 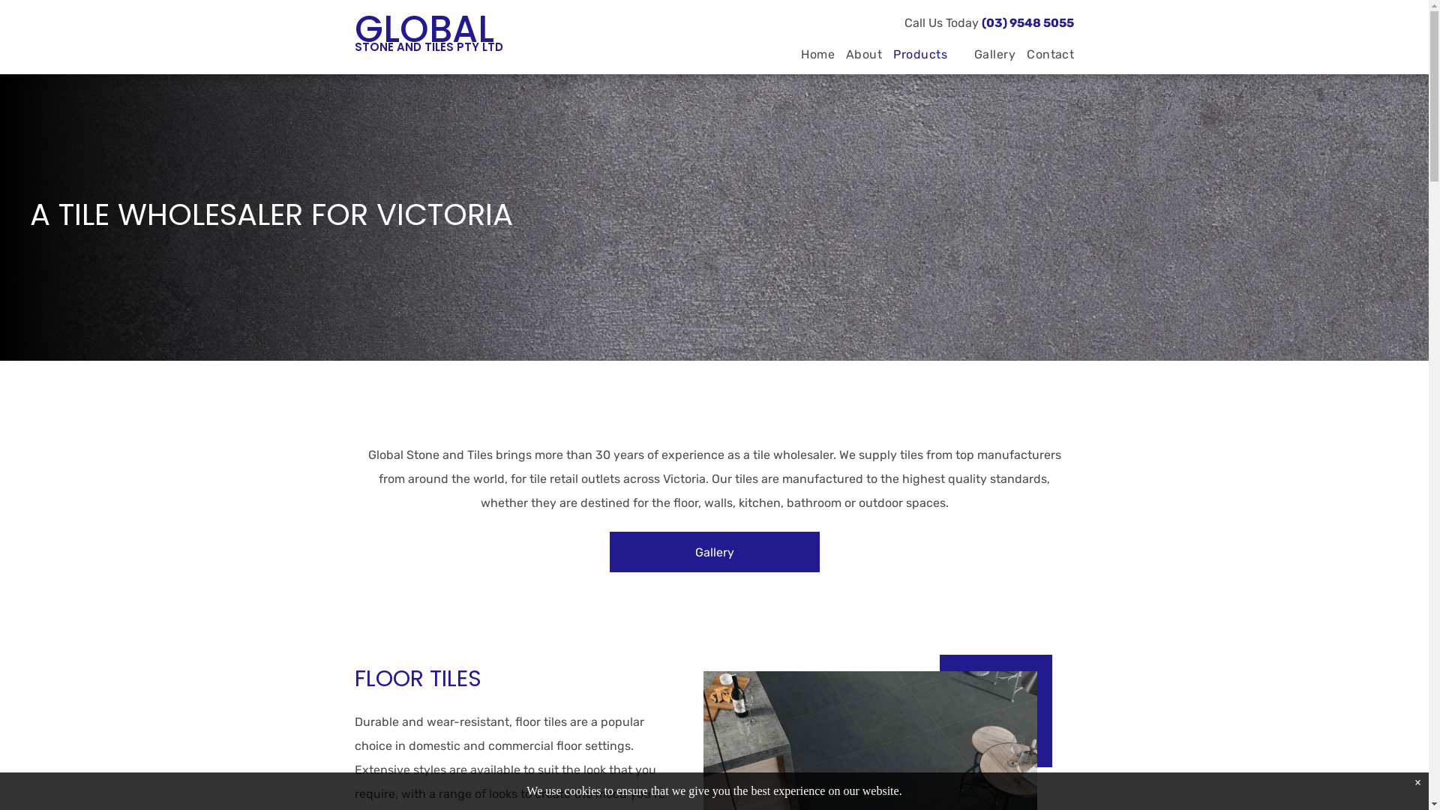 What do you see at coordinates (423, 28) in the screenshot?
I see `'GLOBAL'` at bounding box center [423, 28].